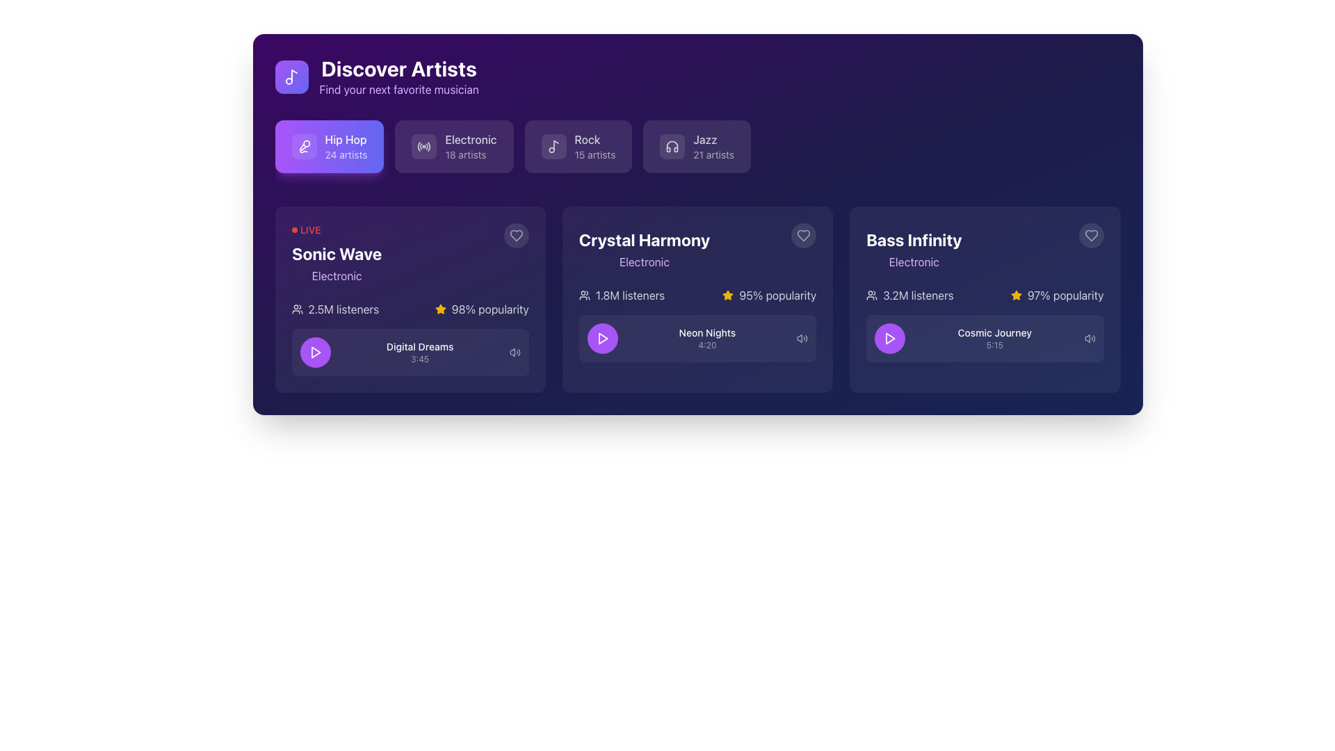 This screenshot has width=1335, height=751. Describe the element at coordinates (1090, 235) in the screenshot. I see `the 'like' or 'favorite' button located at the top-right corner of the 'Bass Infinity' card` at that location.